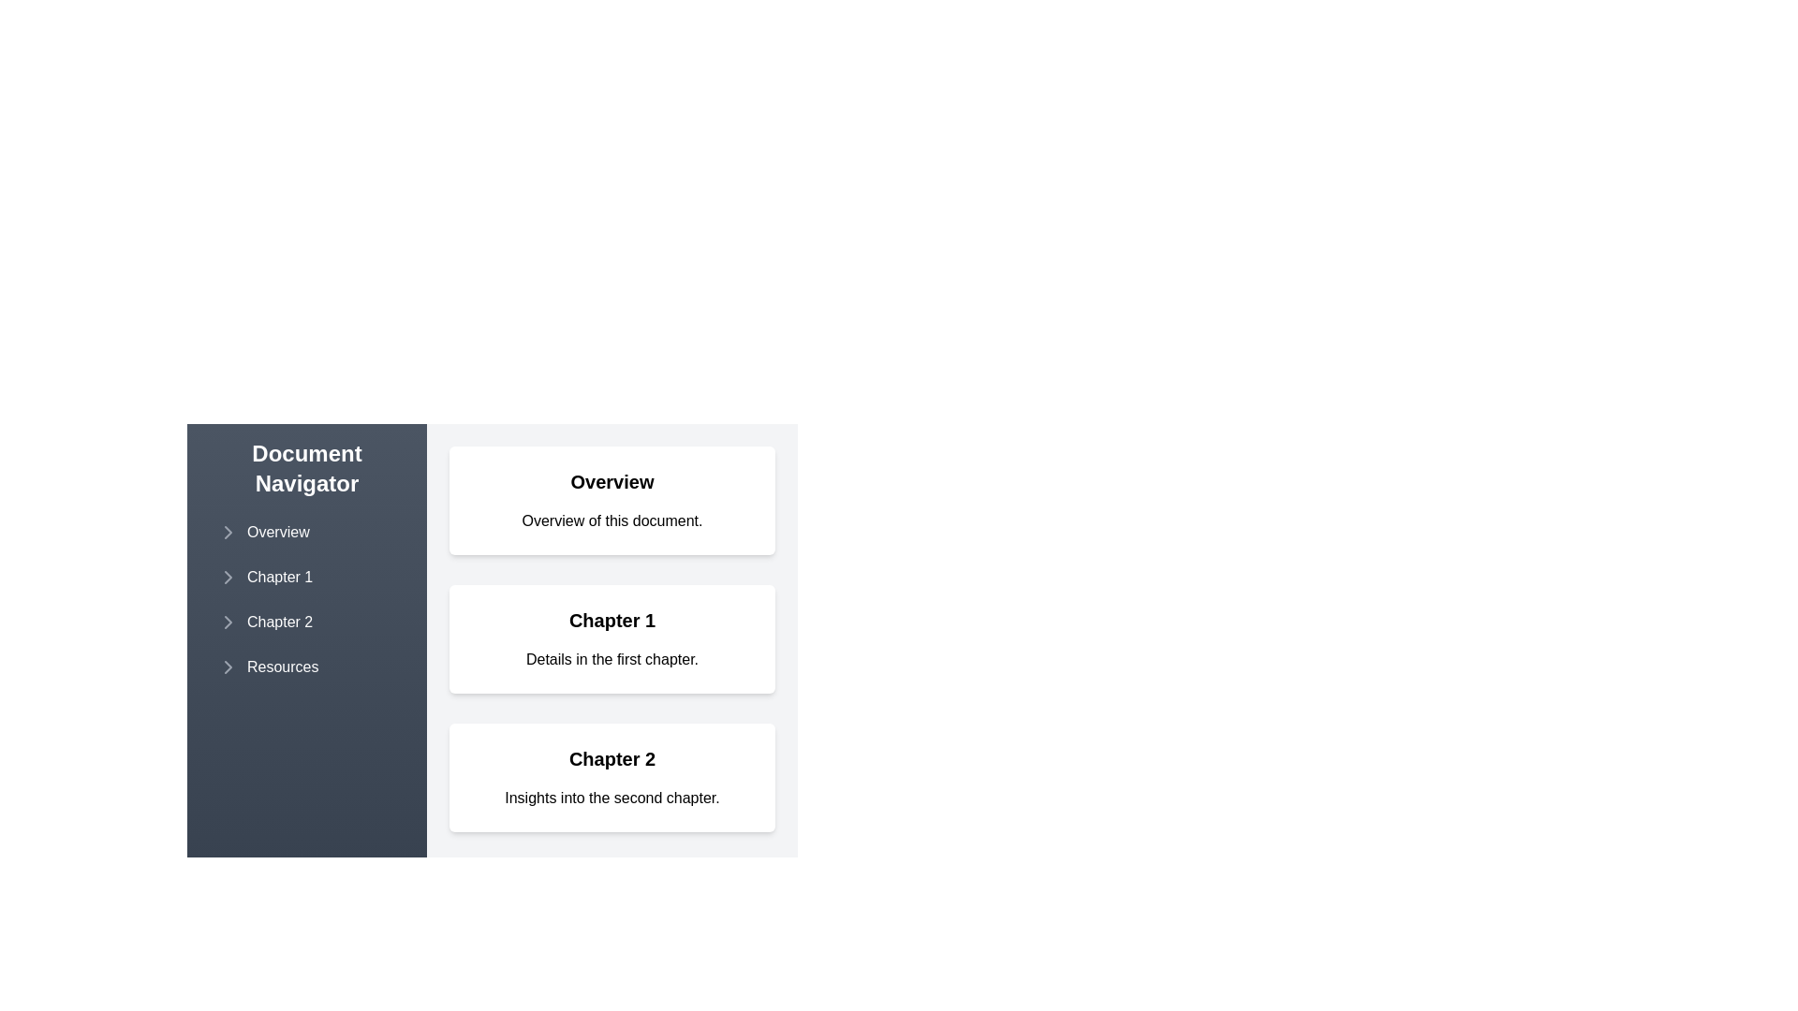  What do you see at coordinates (306, 577) in the screenshot?
I see `the navigational button for 'Chapter 1' in the vertical menu to possibly reveal additional information` at bounding box center [306, 577].